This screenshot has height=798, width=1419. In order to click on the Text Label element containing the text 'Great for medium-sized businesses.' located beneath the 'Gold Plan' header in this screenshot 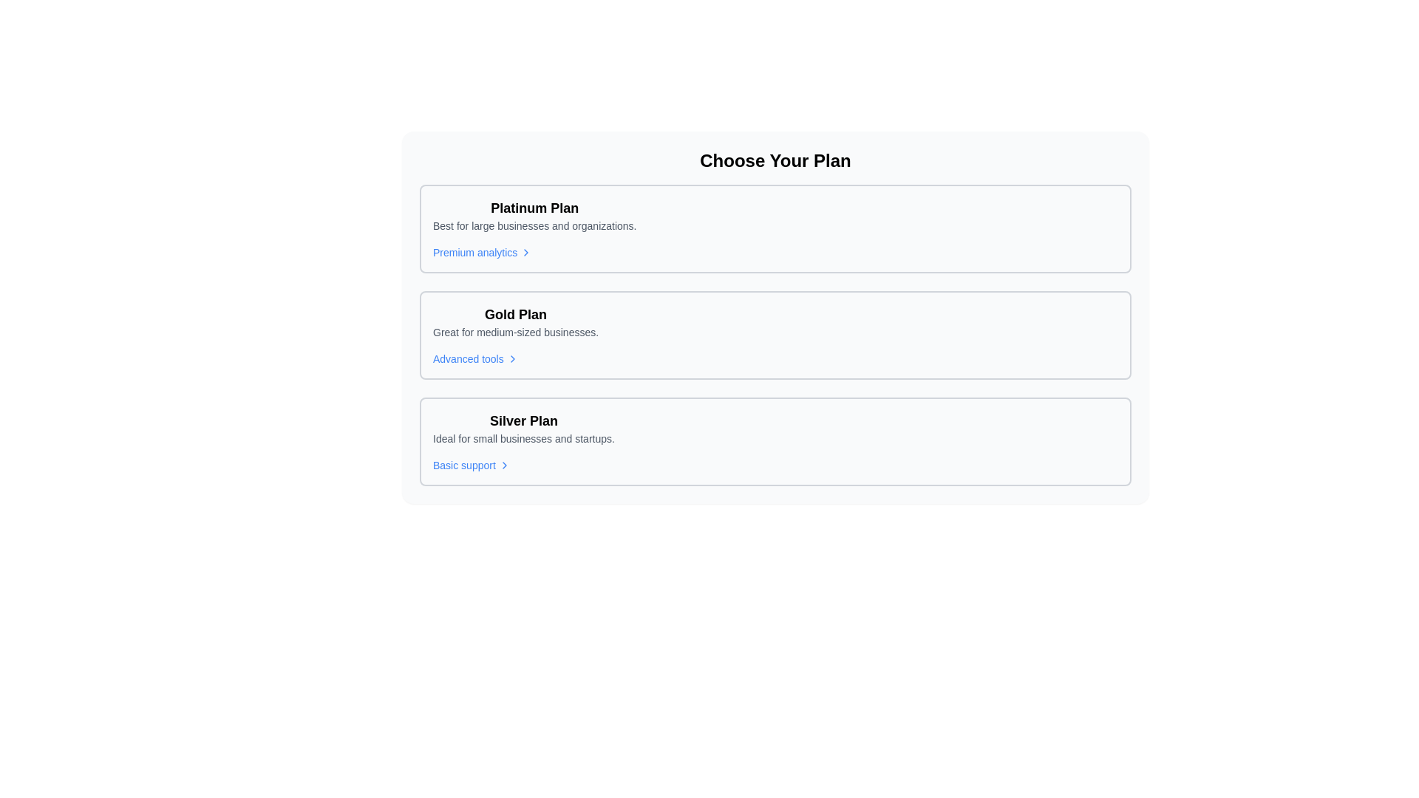, I will do `click(516, 332)`.